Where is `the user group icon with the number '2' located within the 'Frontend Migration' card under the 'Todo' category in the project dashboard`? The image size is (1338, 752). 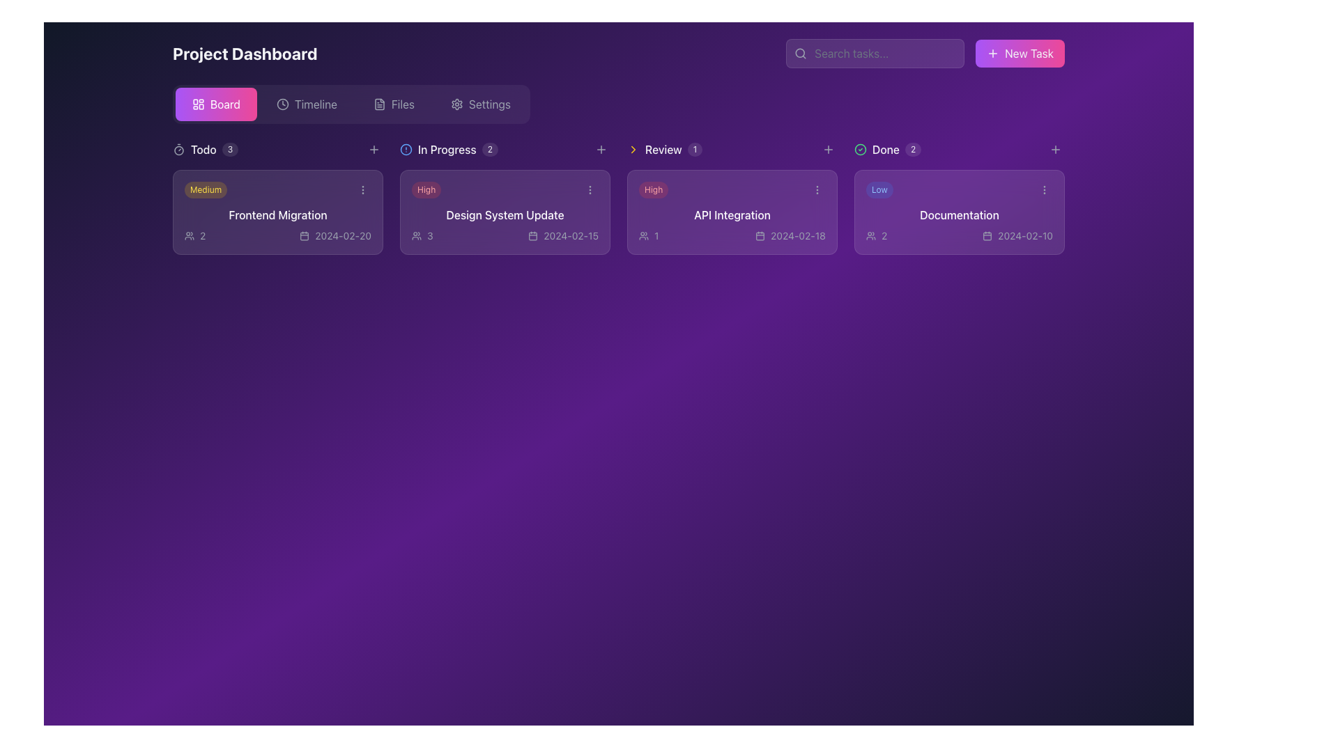
the user group icon with the number '2' located within the 'Frontend Migration' card under the 'Todo' category in the project dashboard is located at coordinates (194, 235).